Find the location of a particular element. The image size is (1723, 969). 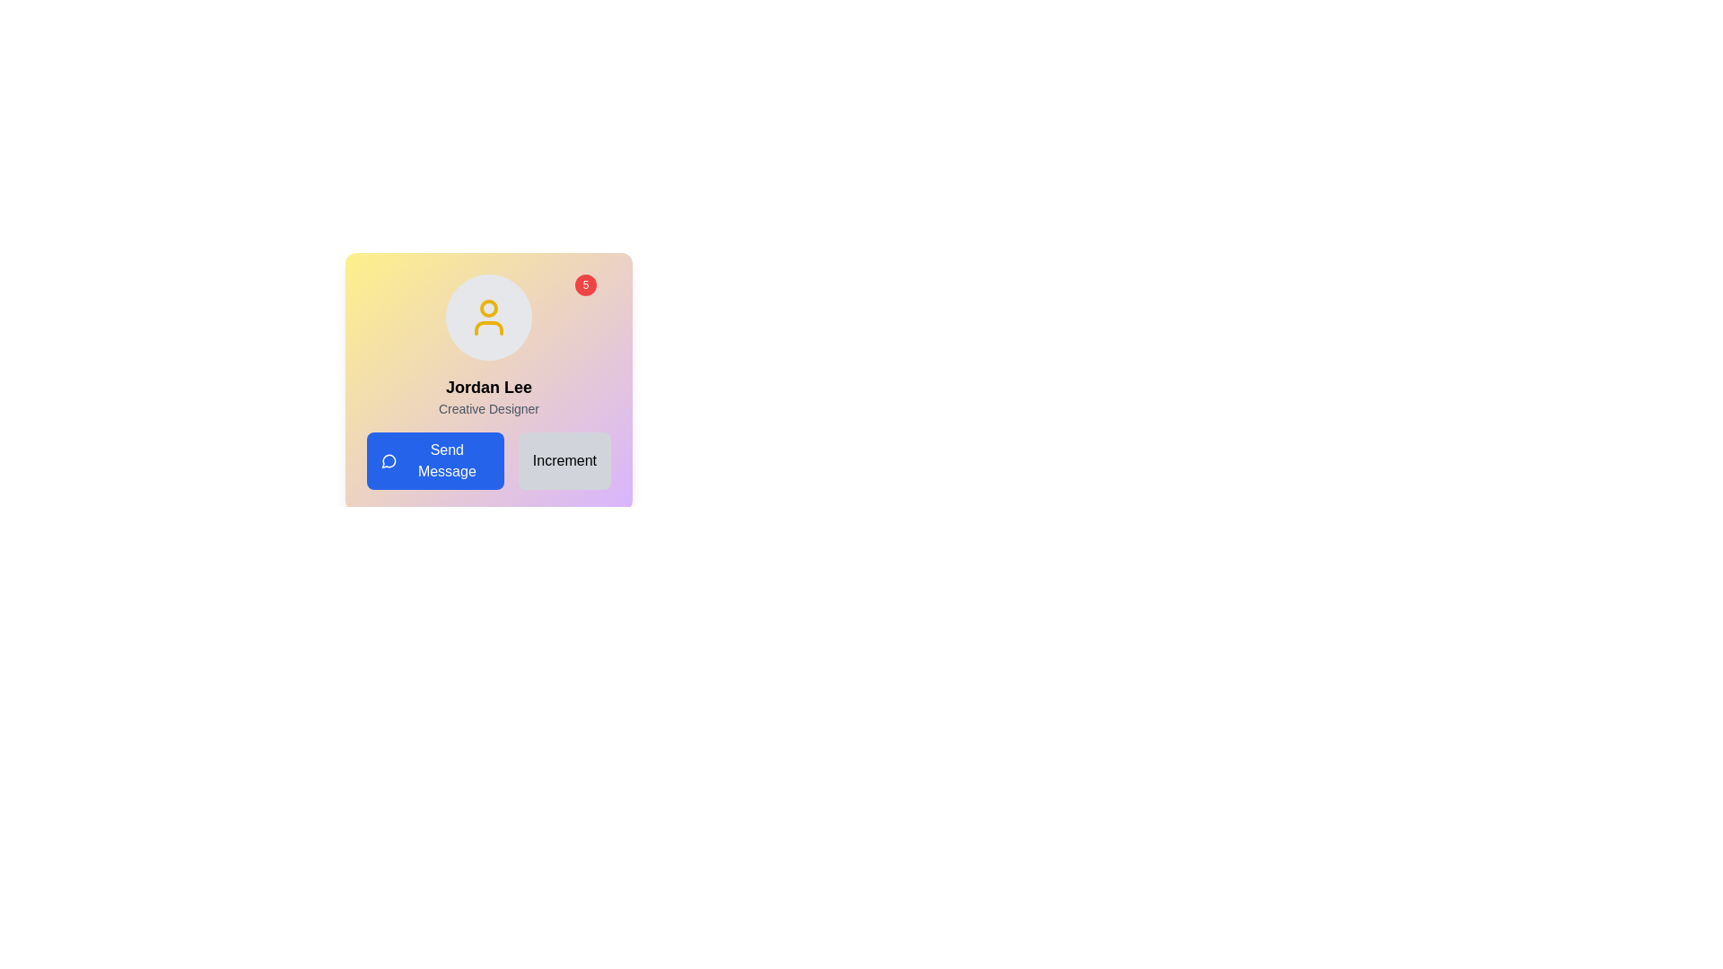

the SVG Circle element located at the top-center of the user avatar graphic, which is positioned above the name text in the user information card is located at coordinates (489, 307).